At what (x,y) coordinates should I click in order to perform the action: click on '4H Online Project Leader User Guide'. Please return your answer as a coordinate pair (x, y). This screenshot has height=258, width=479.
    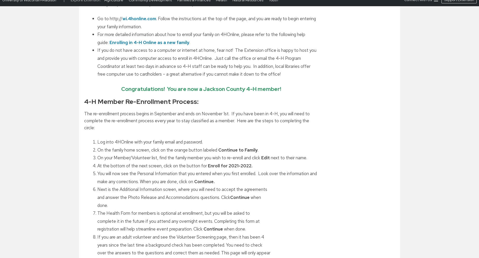
    Looking at the image, I should click on (136, 98).